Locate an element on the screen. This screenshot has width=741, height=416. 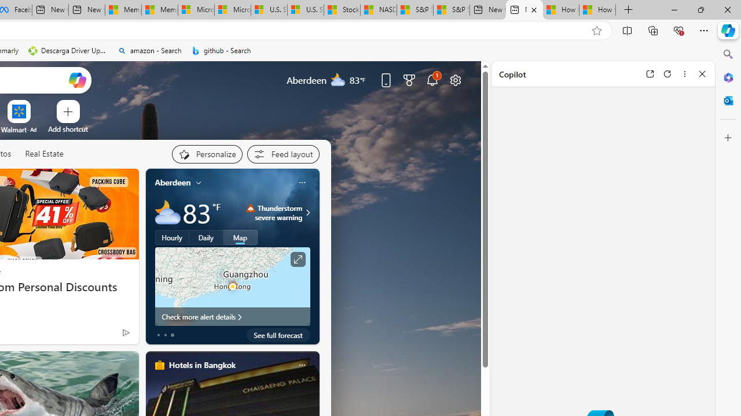
'Daily' is located at coordinates (206, 237).